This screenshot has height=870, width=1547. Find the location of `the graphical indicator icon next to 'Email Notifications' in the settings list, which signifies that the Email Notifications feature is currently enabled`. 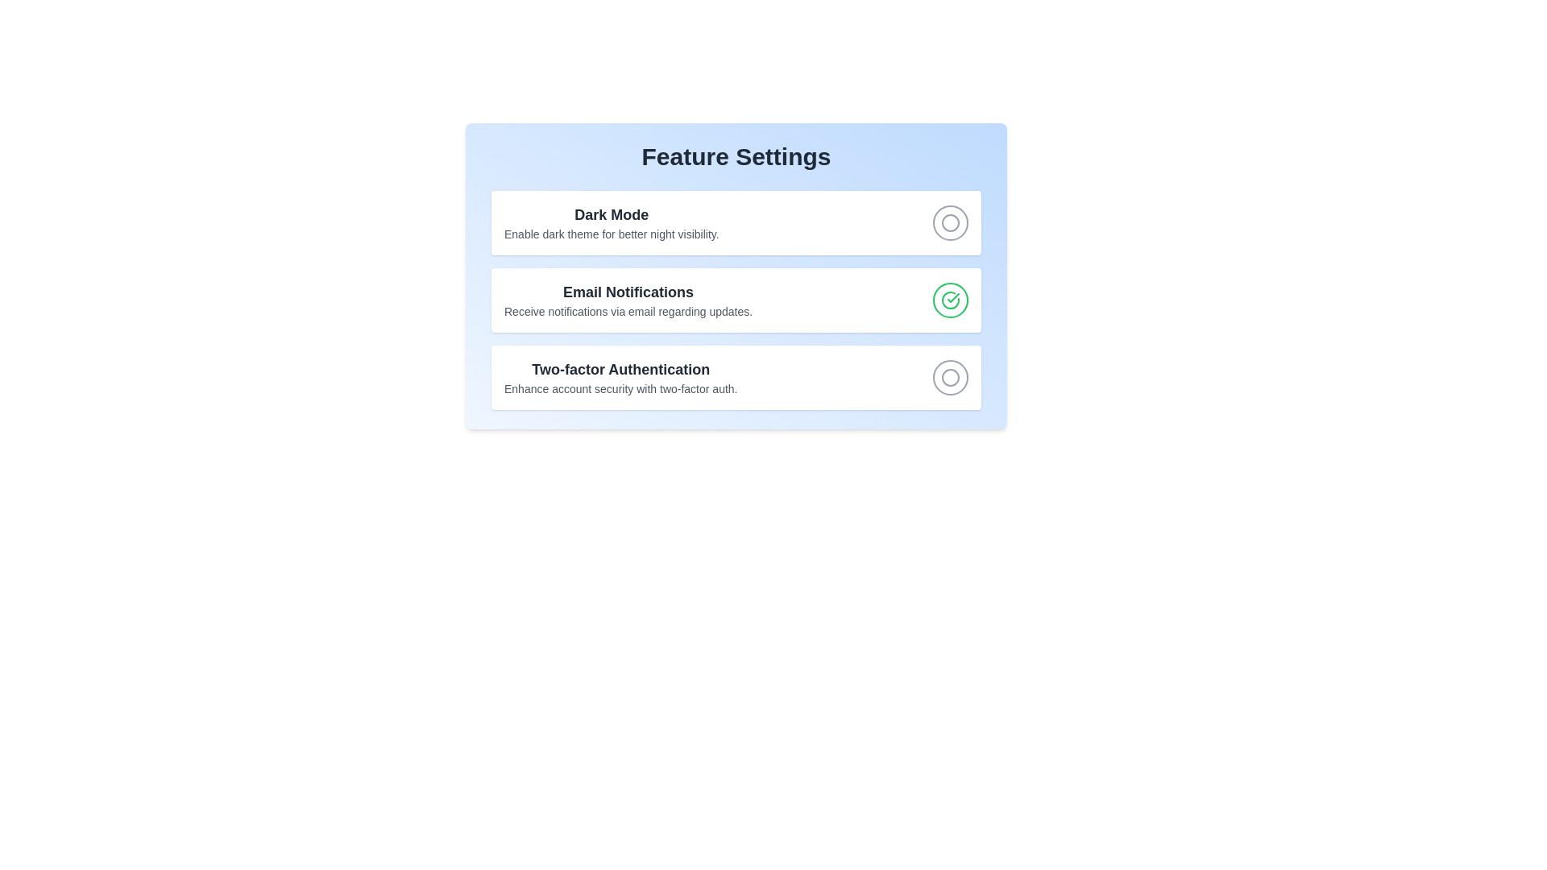

the graphical indicator icon next to 'Email Notifications' in the settings list, which signifies that the Email Notifications feature is currently enabled is located at coordinates (951, 300).